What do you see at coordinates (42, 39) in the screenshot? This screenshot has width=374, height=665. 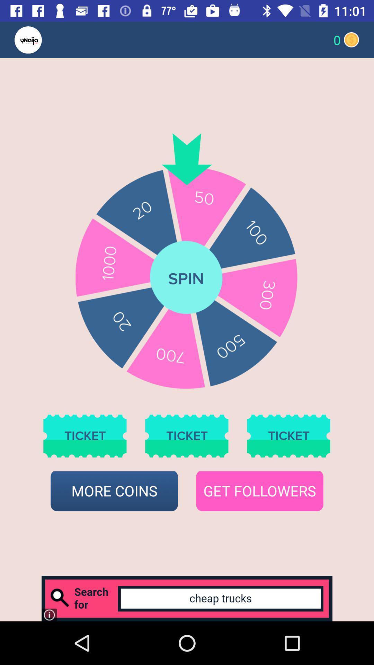 I see `visit our homepage` at bounding box center [42, 39].